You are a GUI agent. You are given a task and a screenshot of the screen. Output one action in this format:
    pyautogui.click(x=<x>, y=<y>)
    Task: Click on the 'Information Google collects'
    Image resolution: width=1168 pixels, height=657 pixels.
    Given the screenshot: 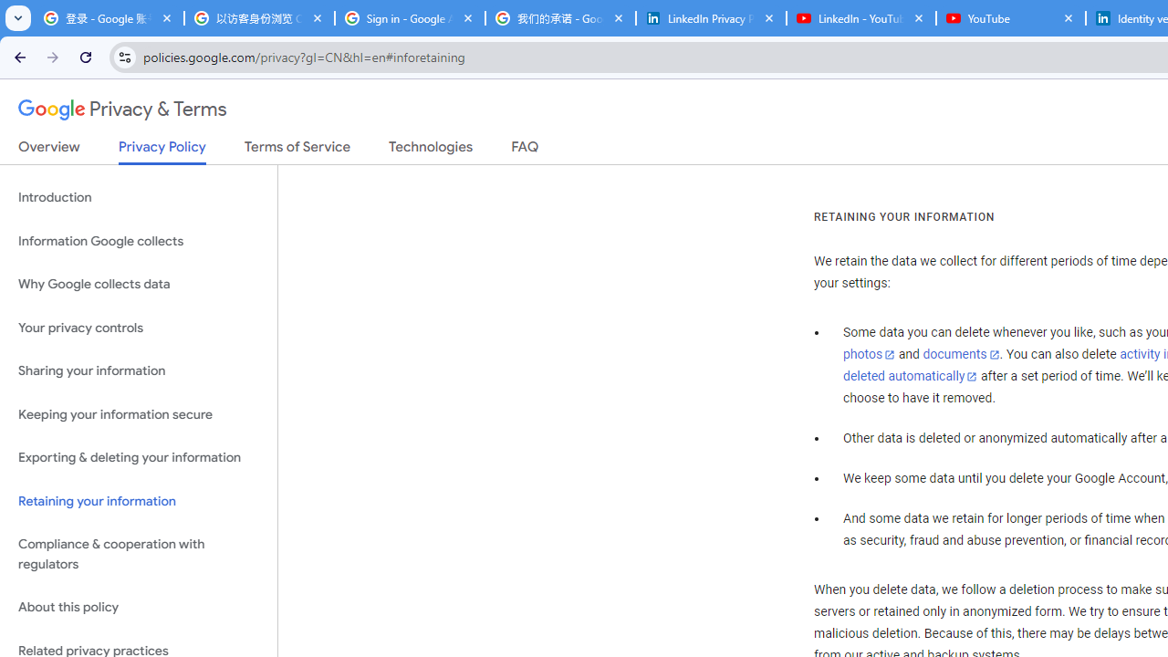 What is the action you would take?
    pyautogui.click(x=138, y=240)
    